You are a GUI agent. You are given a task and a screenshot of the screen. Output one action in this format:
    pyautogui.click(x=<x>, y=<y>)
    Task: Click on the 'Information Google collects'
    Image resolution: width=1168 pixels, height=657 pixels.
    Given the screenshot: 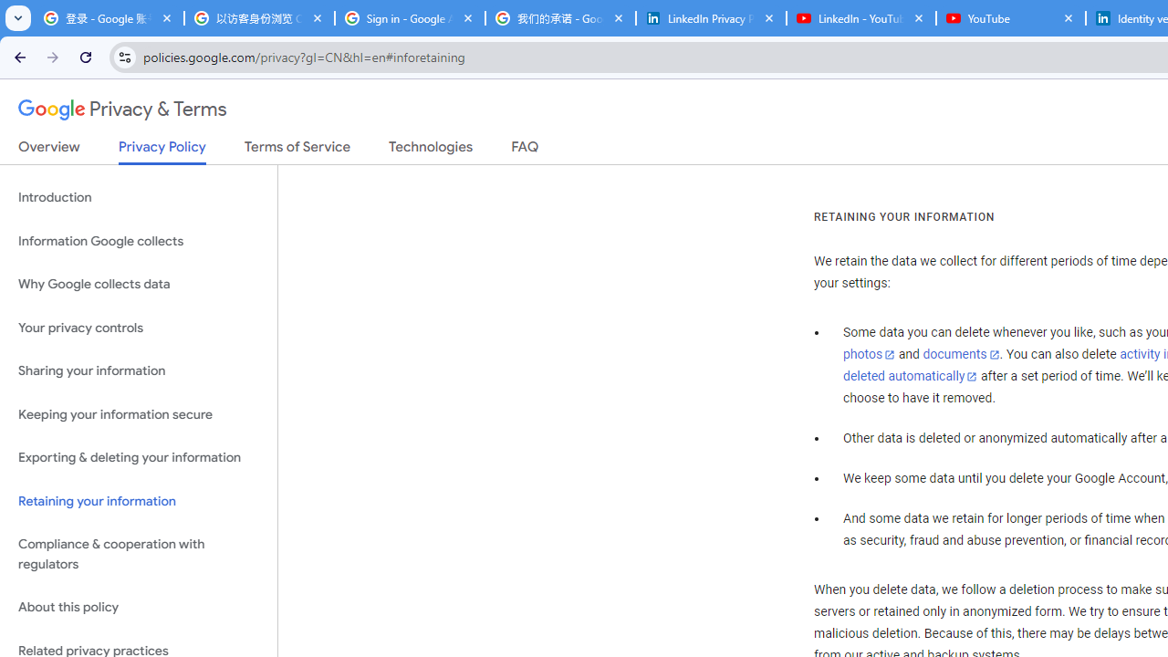 What is the action you would take?
    pyautogui.click(x=138, y=240)
    